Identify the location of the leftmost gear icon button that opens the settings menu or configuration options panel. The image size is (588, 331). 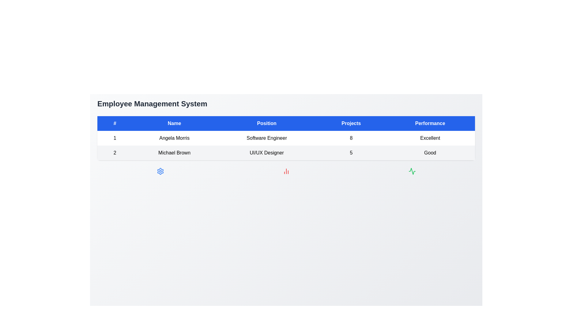
(160, 171).